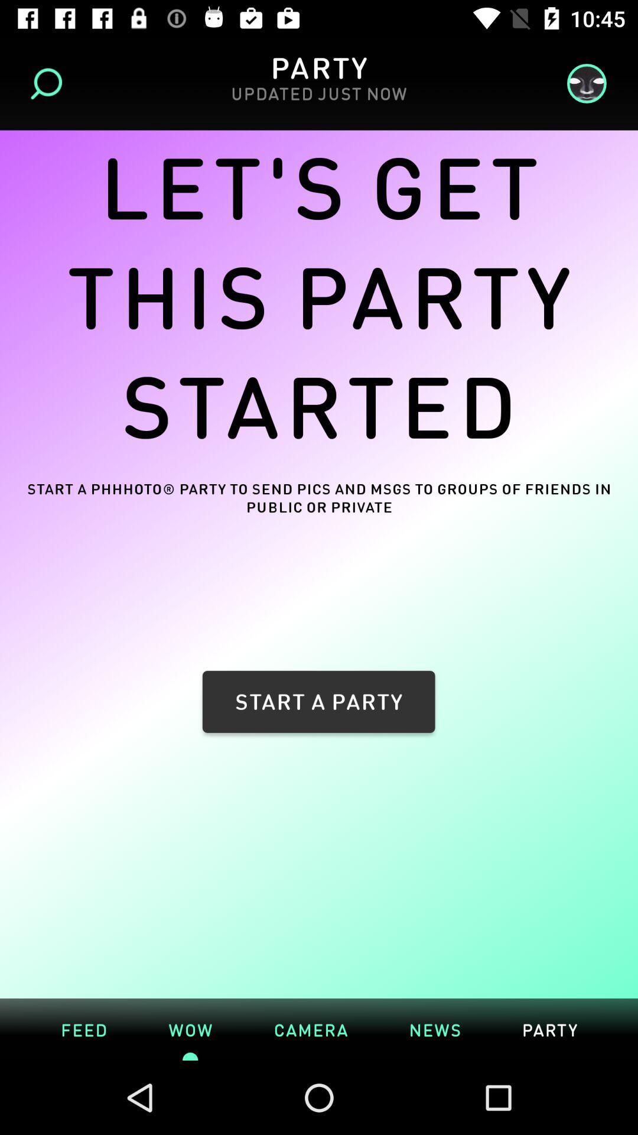 This screenshot has height=1135, width=638. What do you see at coordinates (50, 83) in the screenshot?
I see `icon to the left of updated just now icon` at bounding box center [50, 83].